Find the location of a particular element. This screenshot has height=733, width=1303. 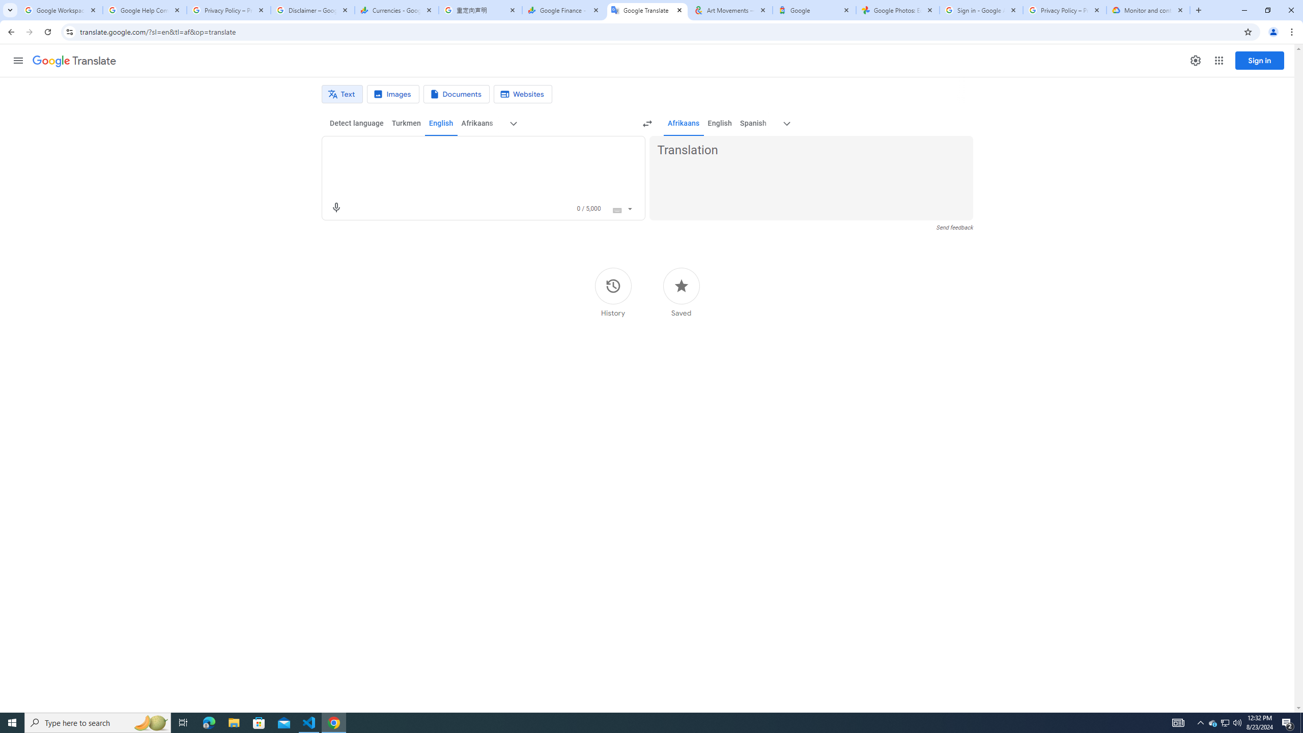

'Afrikaans' is located at coordinates (683, 123).